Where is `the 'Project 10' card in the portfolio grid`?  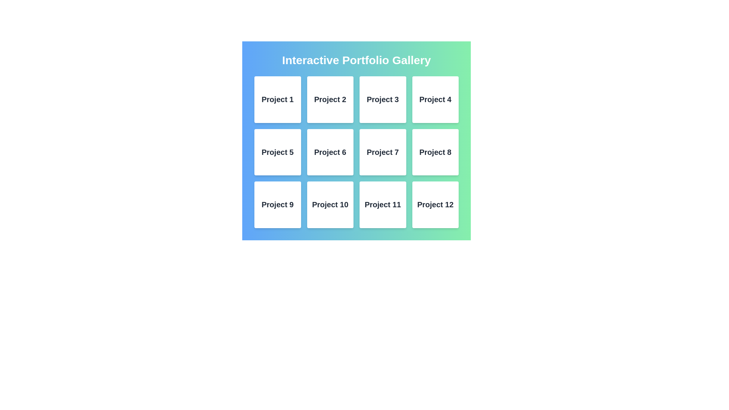
the 'Project 10' card in the portfolio grid is located at coordinates (330, 204).